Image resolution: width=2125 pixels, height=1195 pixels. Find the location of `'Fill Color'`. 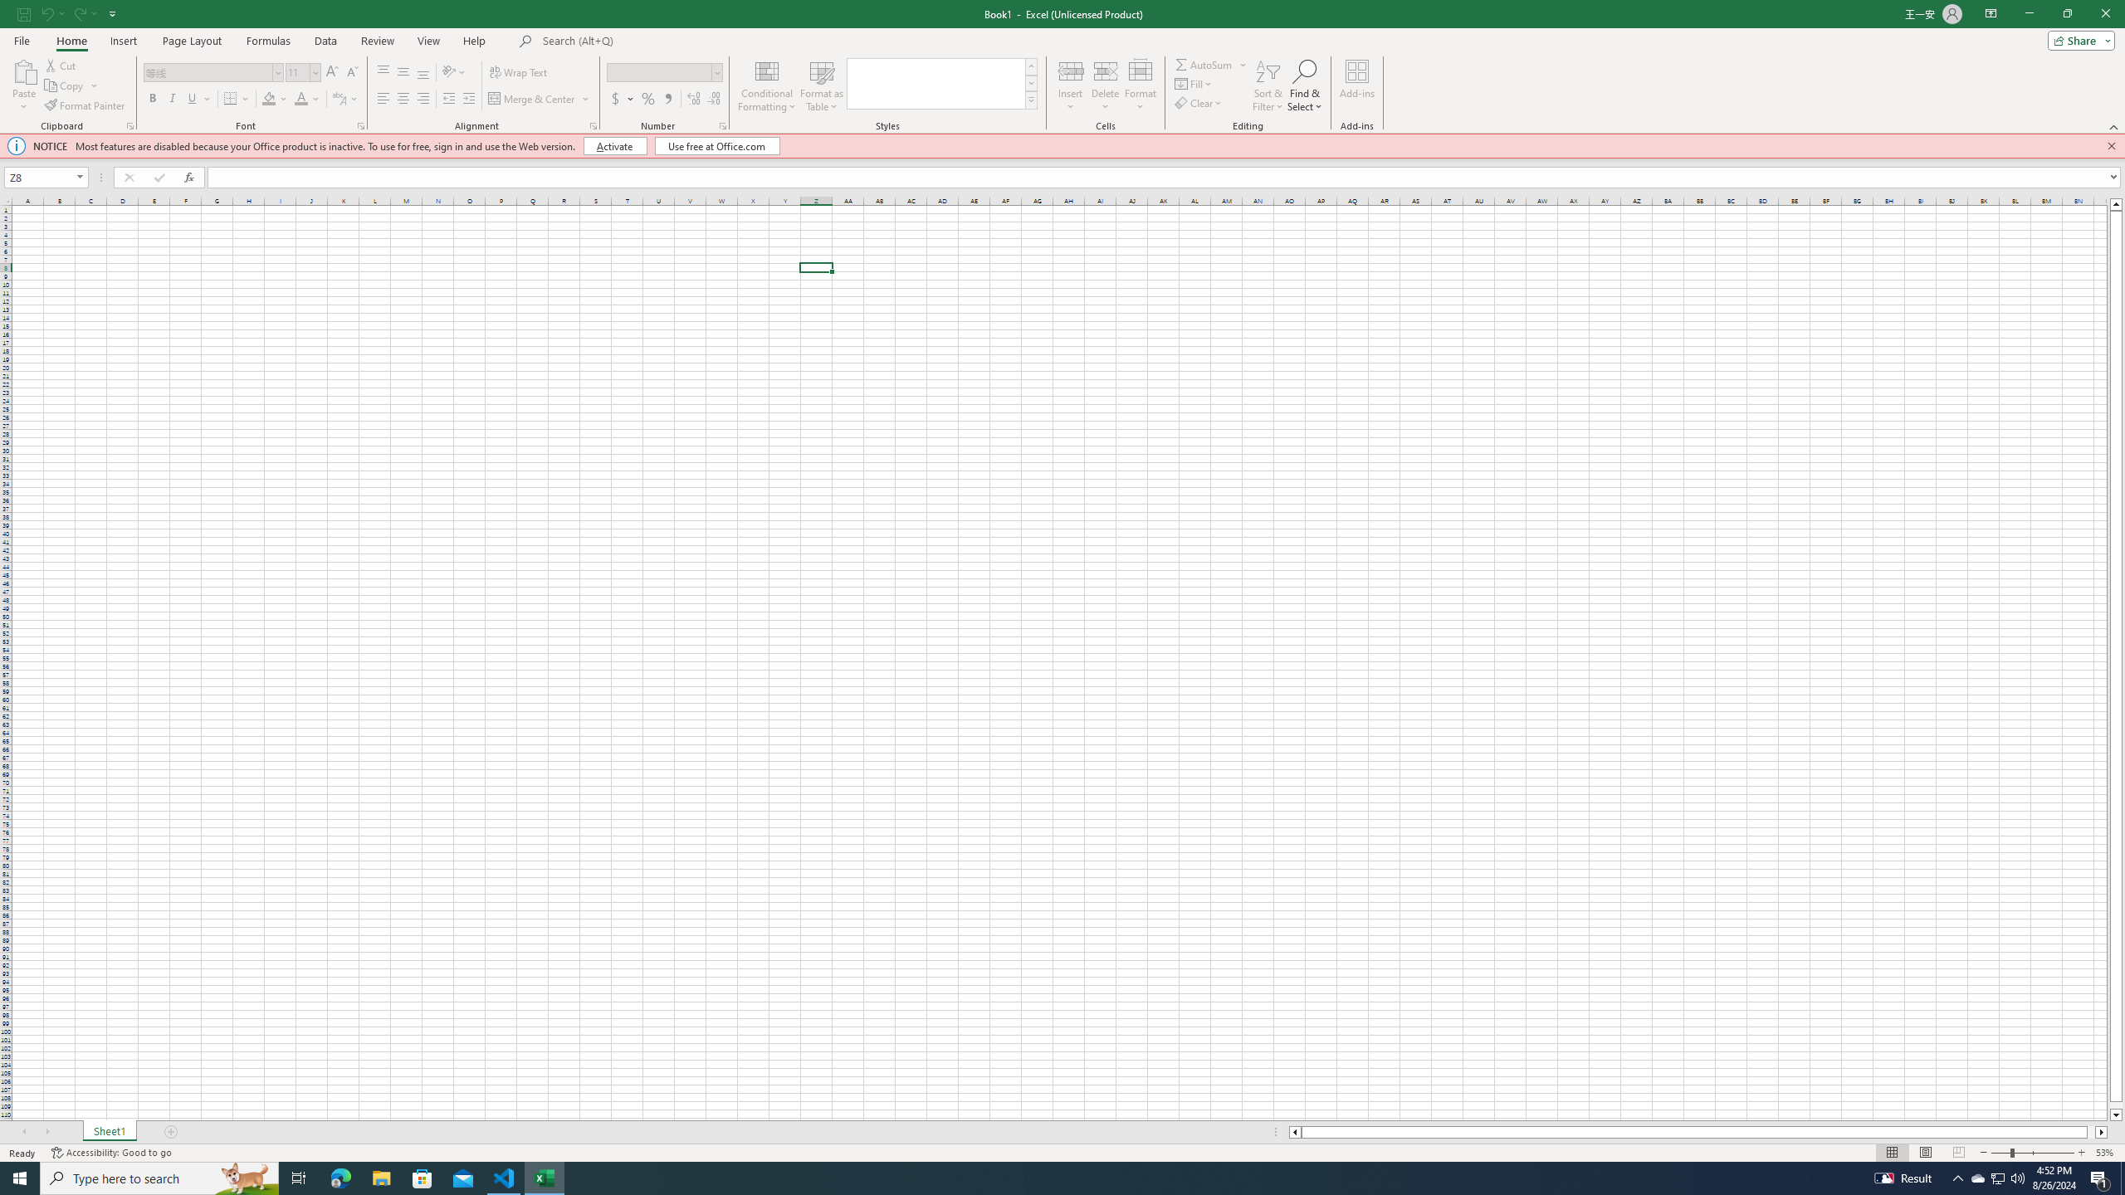

'Fill Color' is located at coordinates (267, 98).